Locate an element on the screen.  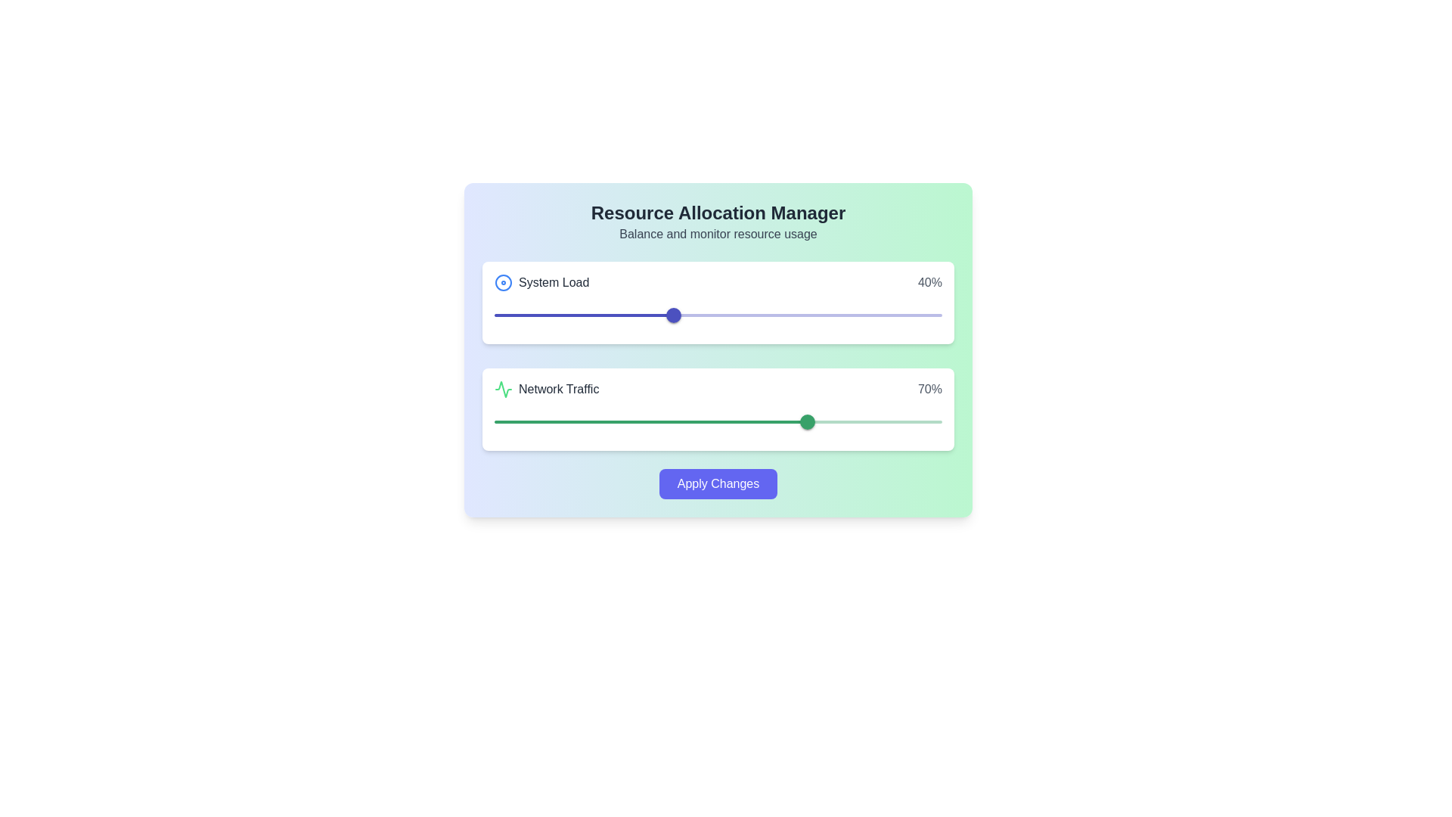
the 'Network Traffic' label with icon, which is located below the 'System Load' section and displays the text 'Network Traffic' alongside a green graph icon is located at coordinates (546, 389).